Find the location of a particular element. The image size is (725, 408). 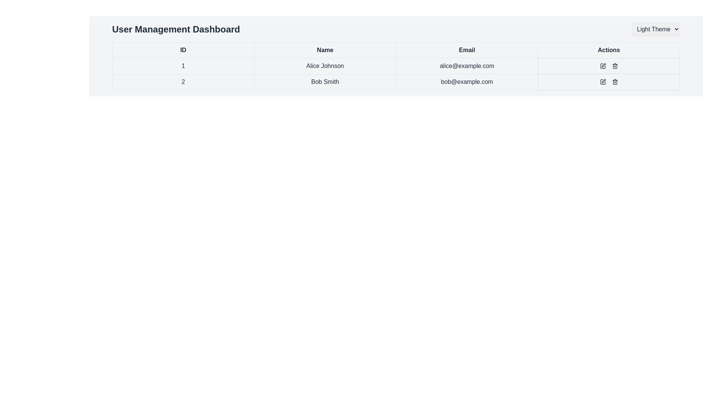

Text label that serves as the unique identifier for the corresponding row in the table, located in the first column of the second row, next to 'Bob Smith' is located at coordinates (183, 82).